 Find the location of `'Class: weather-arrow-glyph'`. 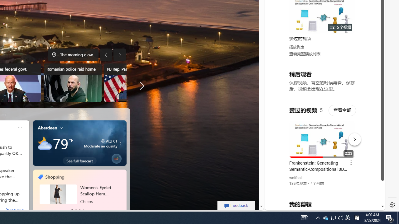

'Class: weather-arrow-glyph' is located at coordinates (120, 143).